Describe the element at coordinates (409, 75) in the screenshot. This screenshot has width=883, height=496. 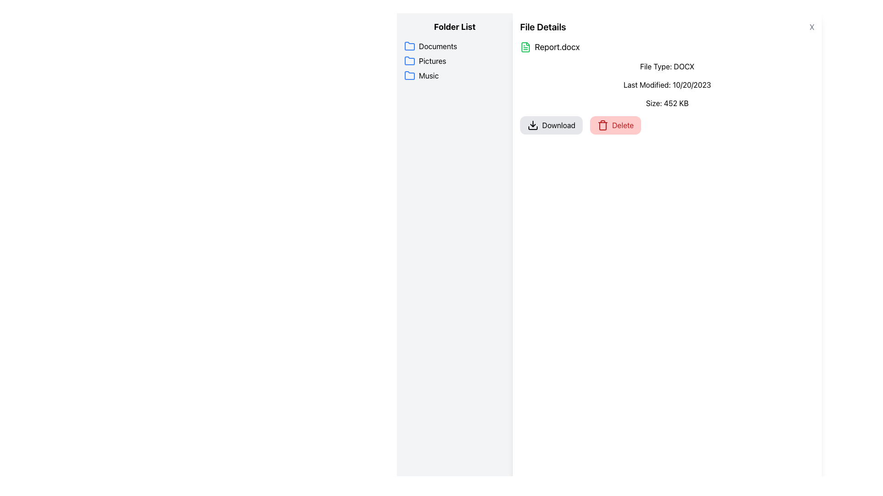
I see `the folder icon in the 'Music' section of the 'Folder List' column` at that location.